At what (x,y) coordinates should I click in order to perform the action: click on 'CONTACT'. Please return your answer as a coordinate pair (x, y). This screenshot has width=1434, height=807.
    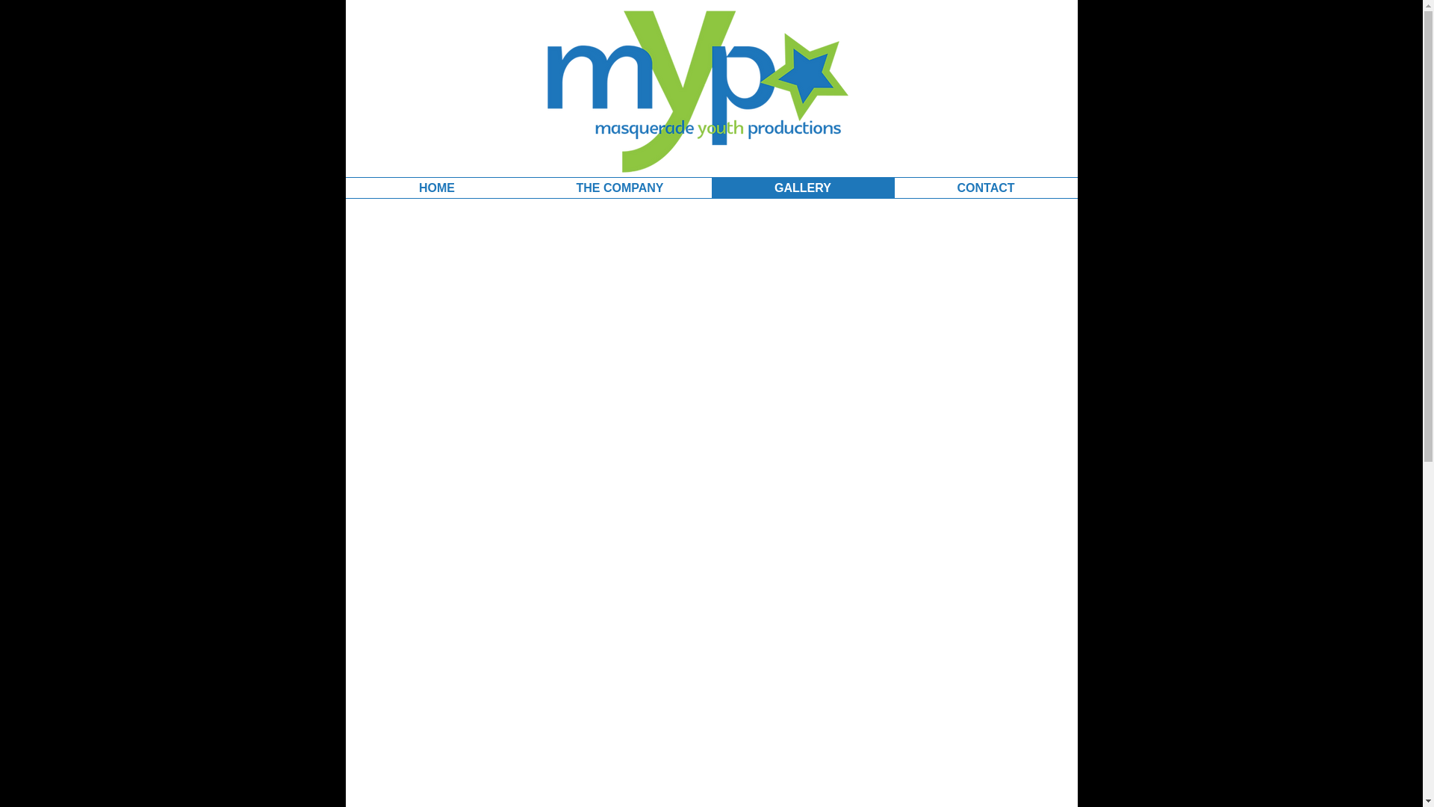
    Looking at the image, I should click on (986, 187).